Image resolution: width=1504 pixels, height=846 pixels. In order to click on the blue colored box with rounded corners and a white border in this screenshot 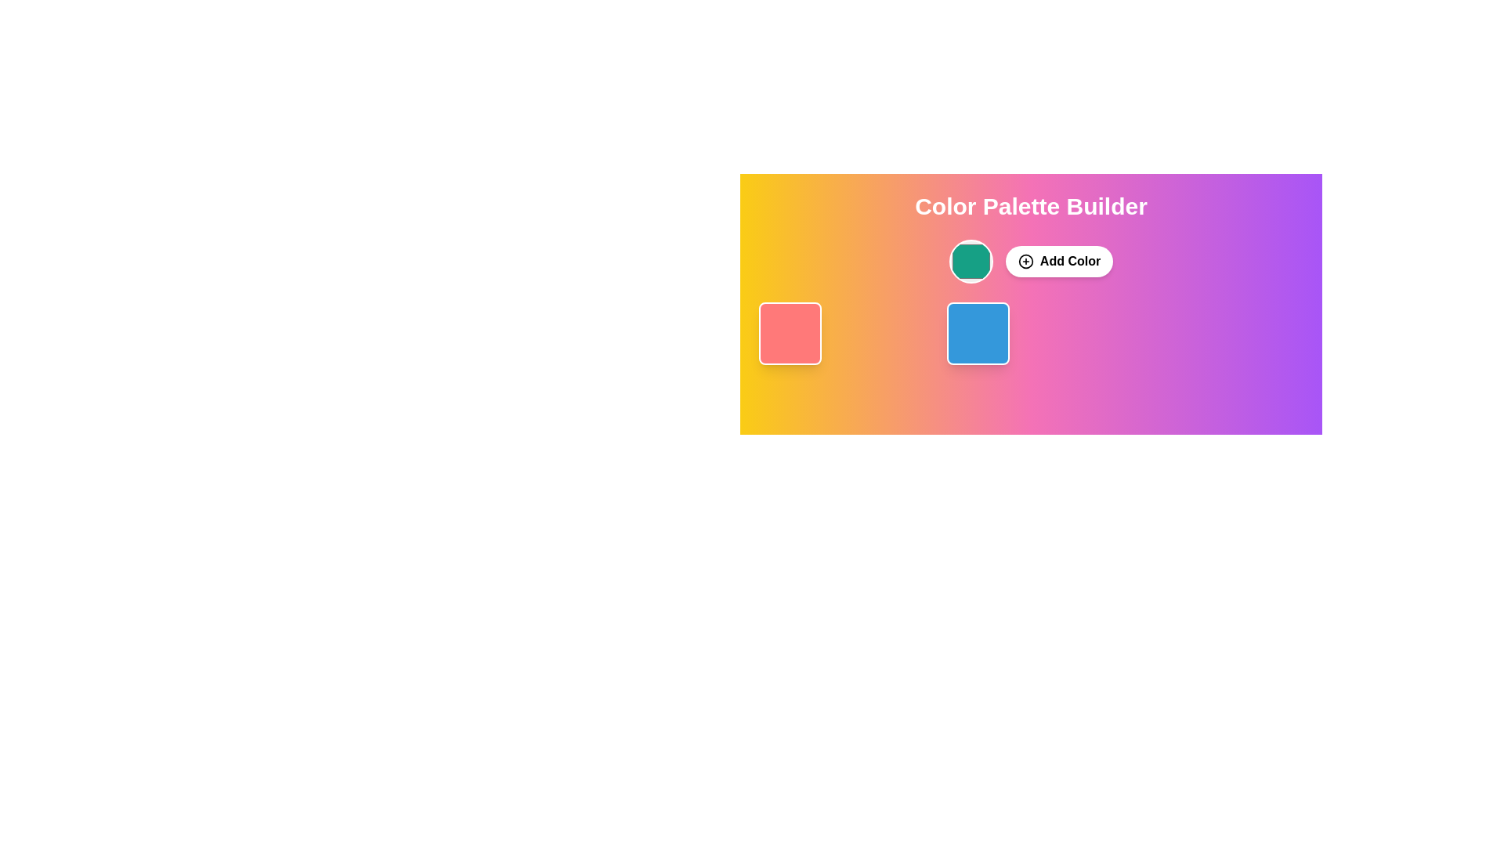, I will do `click(977, 332)`.